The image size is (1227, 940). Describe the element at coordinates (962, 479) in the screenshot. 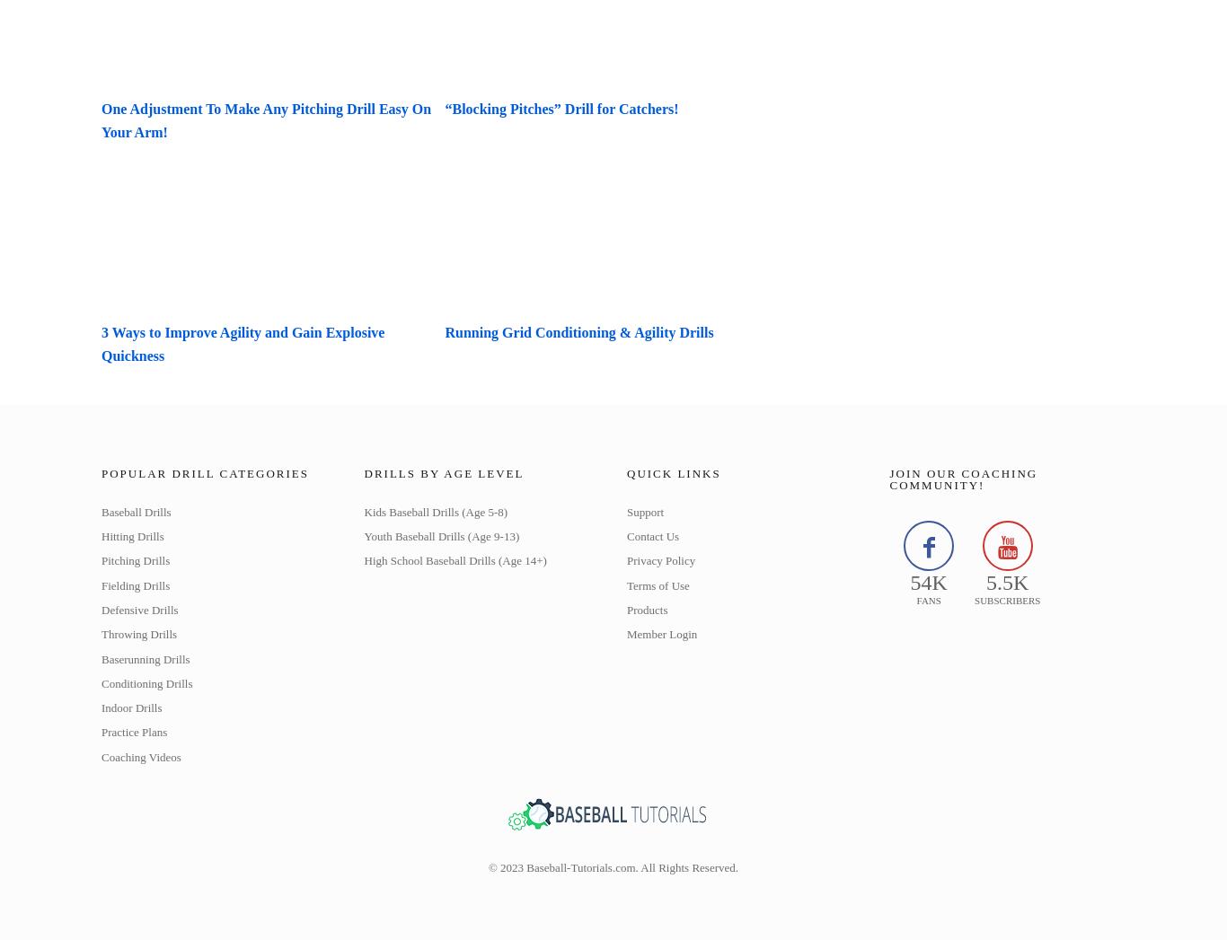

I see `'Join Our Coaching Community!'` at that location.